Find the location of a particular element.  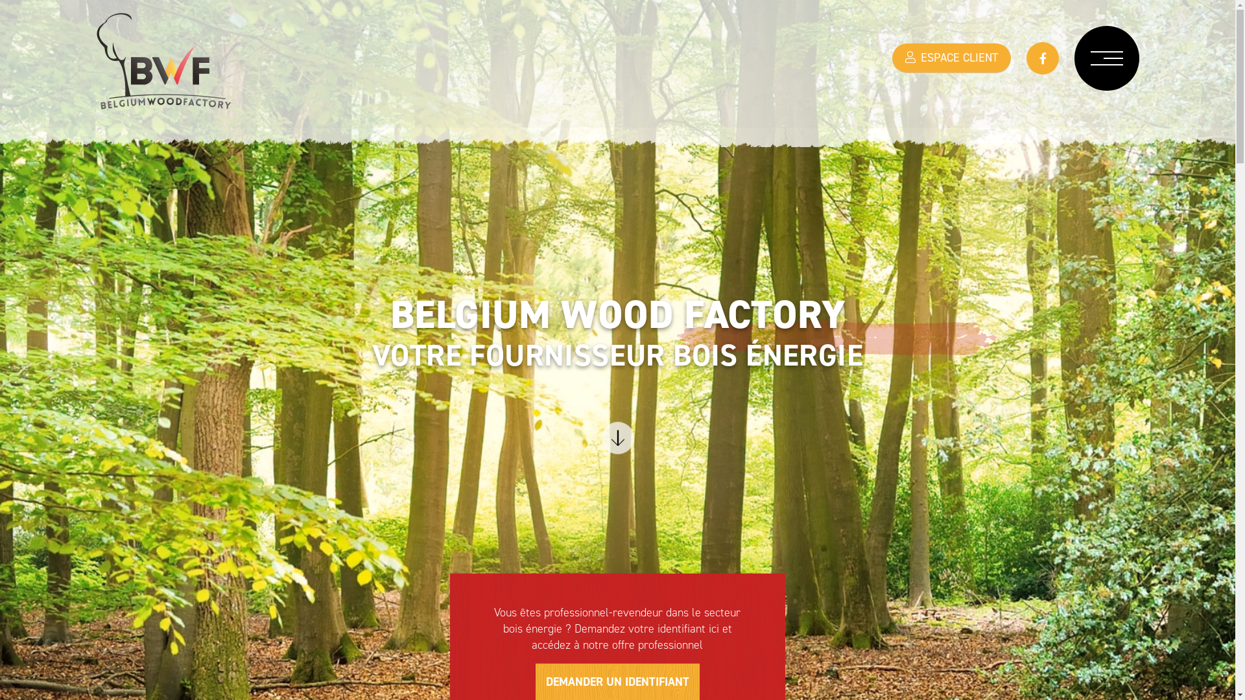

'BELGIUM WOOD FACTORY' is located at coordinates (163, 74).